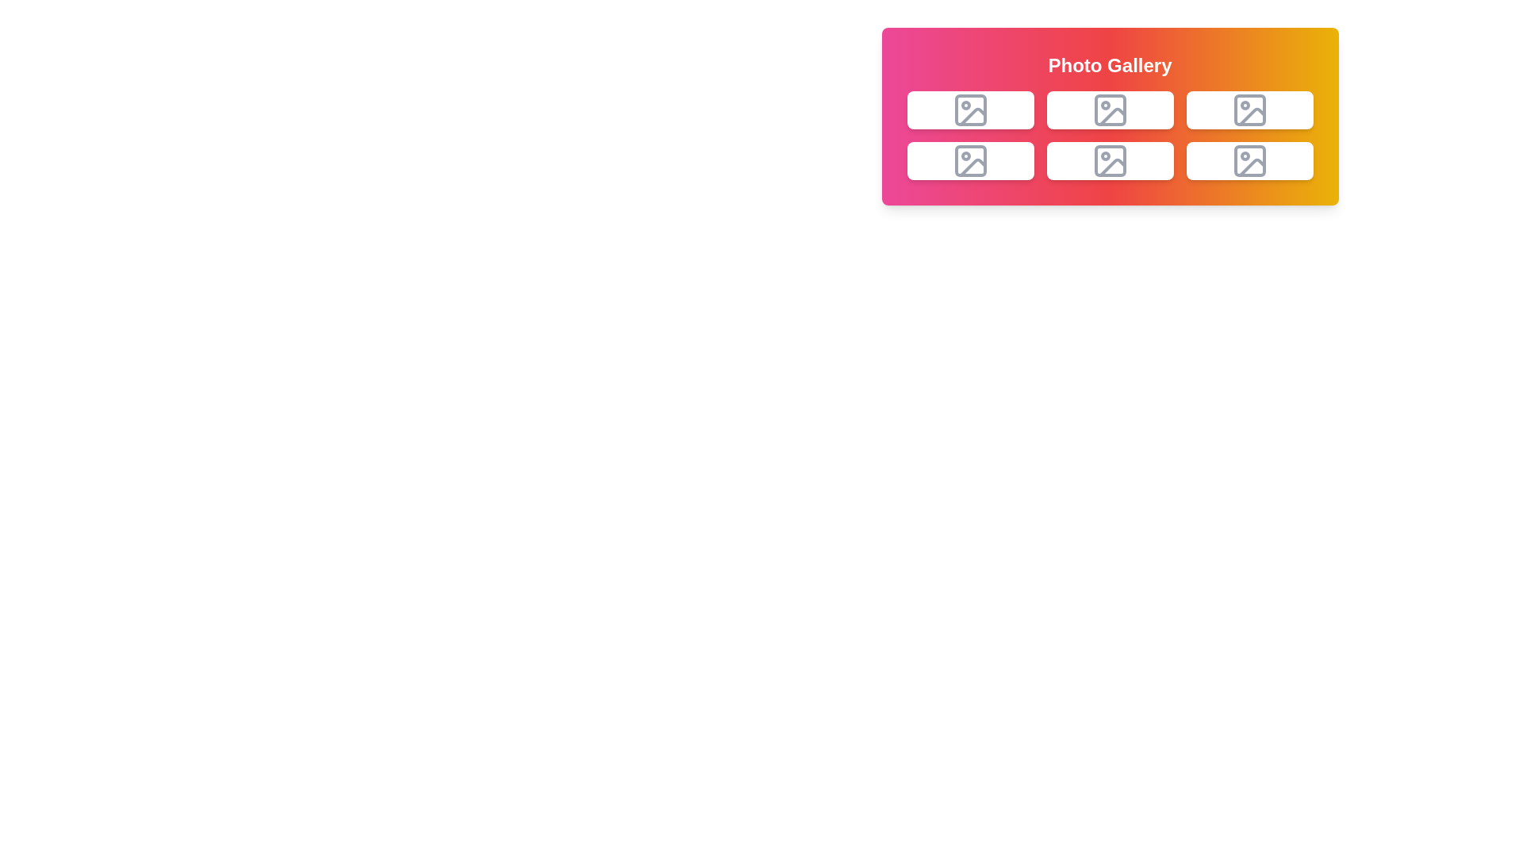 The width and height of the screenshot is (1523, 857). Describe the element at coordinates (1228, 161) in the screenshot. I see `the circular button with a white background and a blue eye icon located in the bottom row of the photo gallery interface, specifically within the rightmost image card` at that location.